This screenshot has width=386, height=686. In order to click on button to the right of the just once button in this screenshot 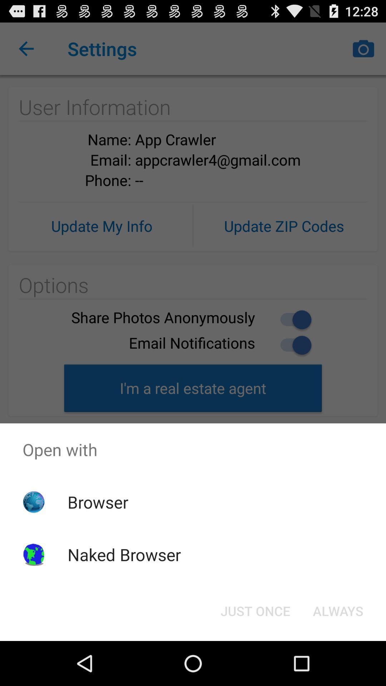, I will do `click(338, 610)`.